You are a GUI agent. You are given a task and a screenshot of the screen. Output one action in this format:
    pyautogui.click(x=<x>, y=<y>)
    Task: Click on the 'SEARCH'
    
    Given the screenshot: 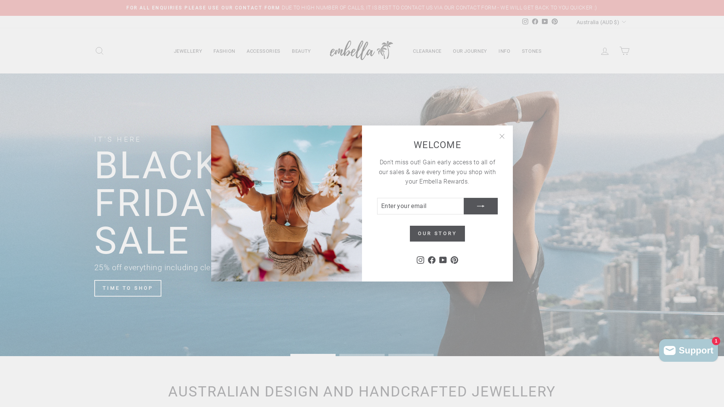 What is the action you would take?
    pyautogui.click(x=99, y=51)
    